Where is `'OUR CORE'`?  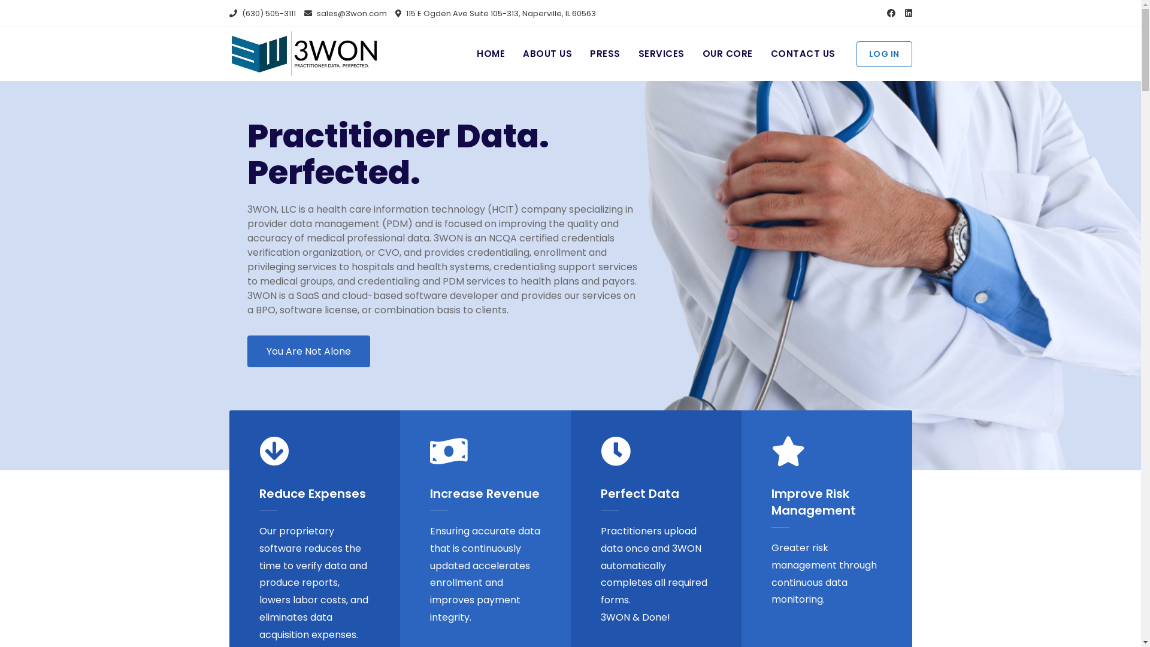
'OUR CORE' is located at coordinates (727, 54).